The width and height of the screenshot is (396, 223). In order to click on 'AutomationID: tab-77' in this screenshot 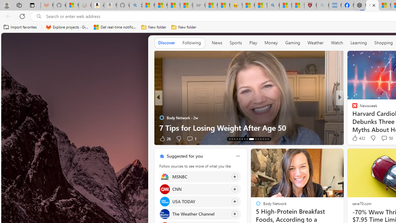, I will do `click(260, 138)`.